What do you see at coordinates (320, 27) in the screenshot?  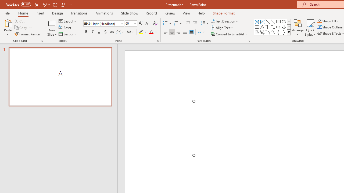 I see `'Shape Outline Blue, Accent 1'` at bounding box center [320, 27].